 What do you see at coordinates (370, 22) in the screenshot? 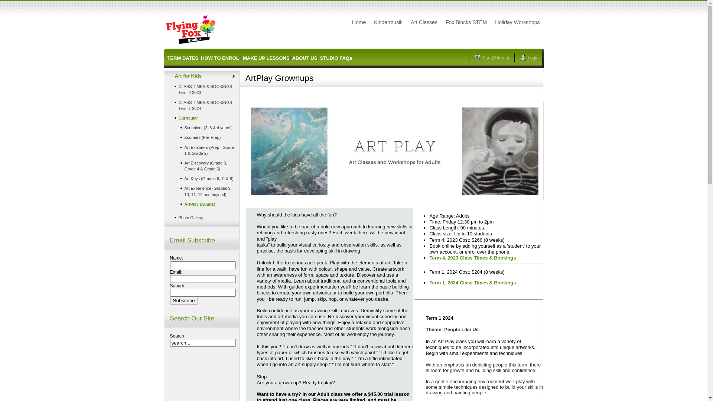
I see `'Kindermusik'` at bounding box center [370, 22].